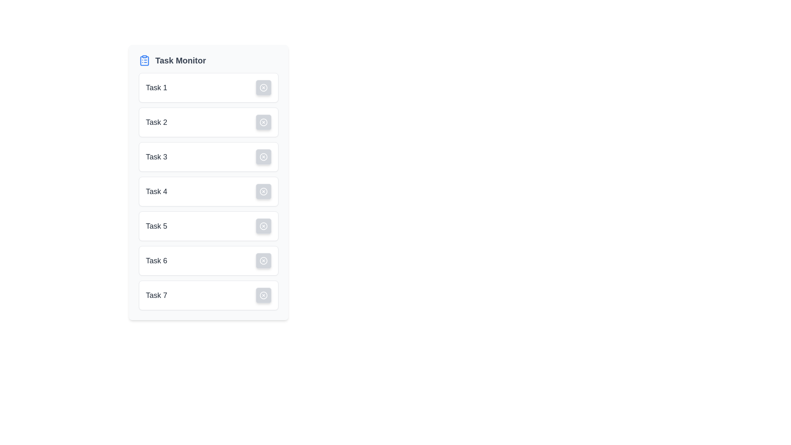  I want to click on the circular icon button with an 'X' symbol located within the 'Task 7' item in the vertical list, so click(263, 295).